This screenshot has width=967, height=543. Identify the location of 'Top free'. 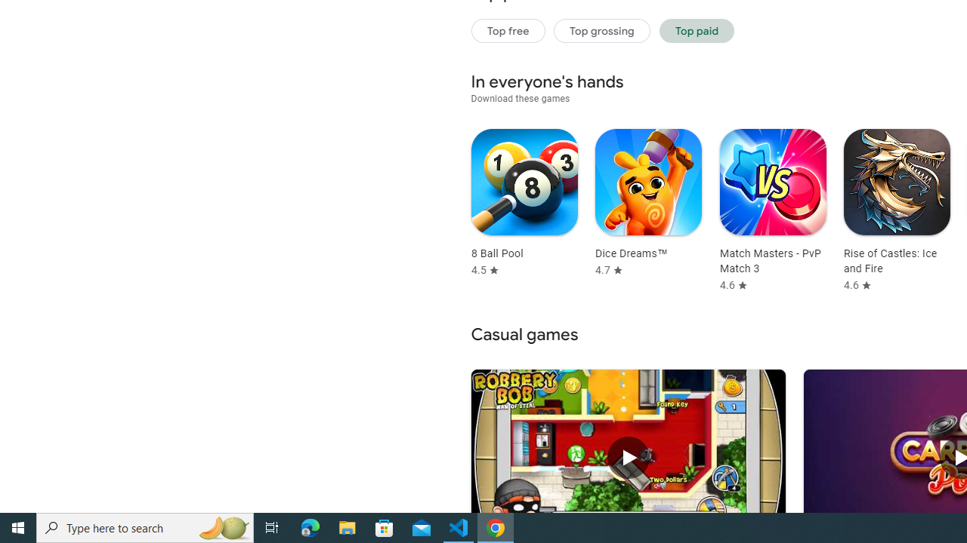
(508, 30).